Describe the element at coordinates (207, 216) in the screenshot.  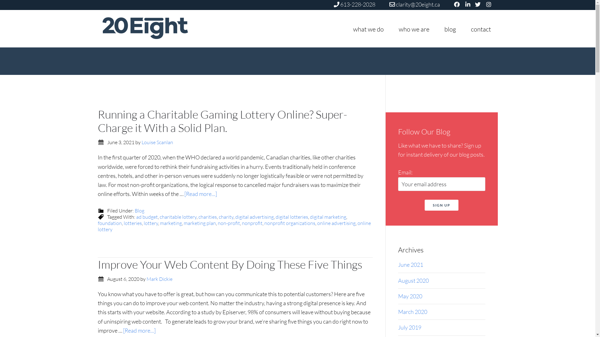
I see `'charities'` at that location.